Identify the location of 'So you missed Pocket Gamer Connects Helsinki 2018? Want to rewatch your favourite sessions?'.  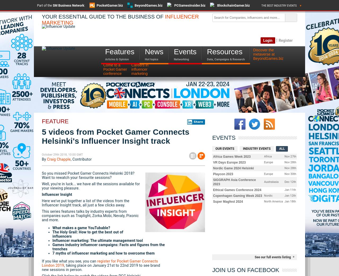
(88, 175).